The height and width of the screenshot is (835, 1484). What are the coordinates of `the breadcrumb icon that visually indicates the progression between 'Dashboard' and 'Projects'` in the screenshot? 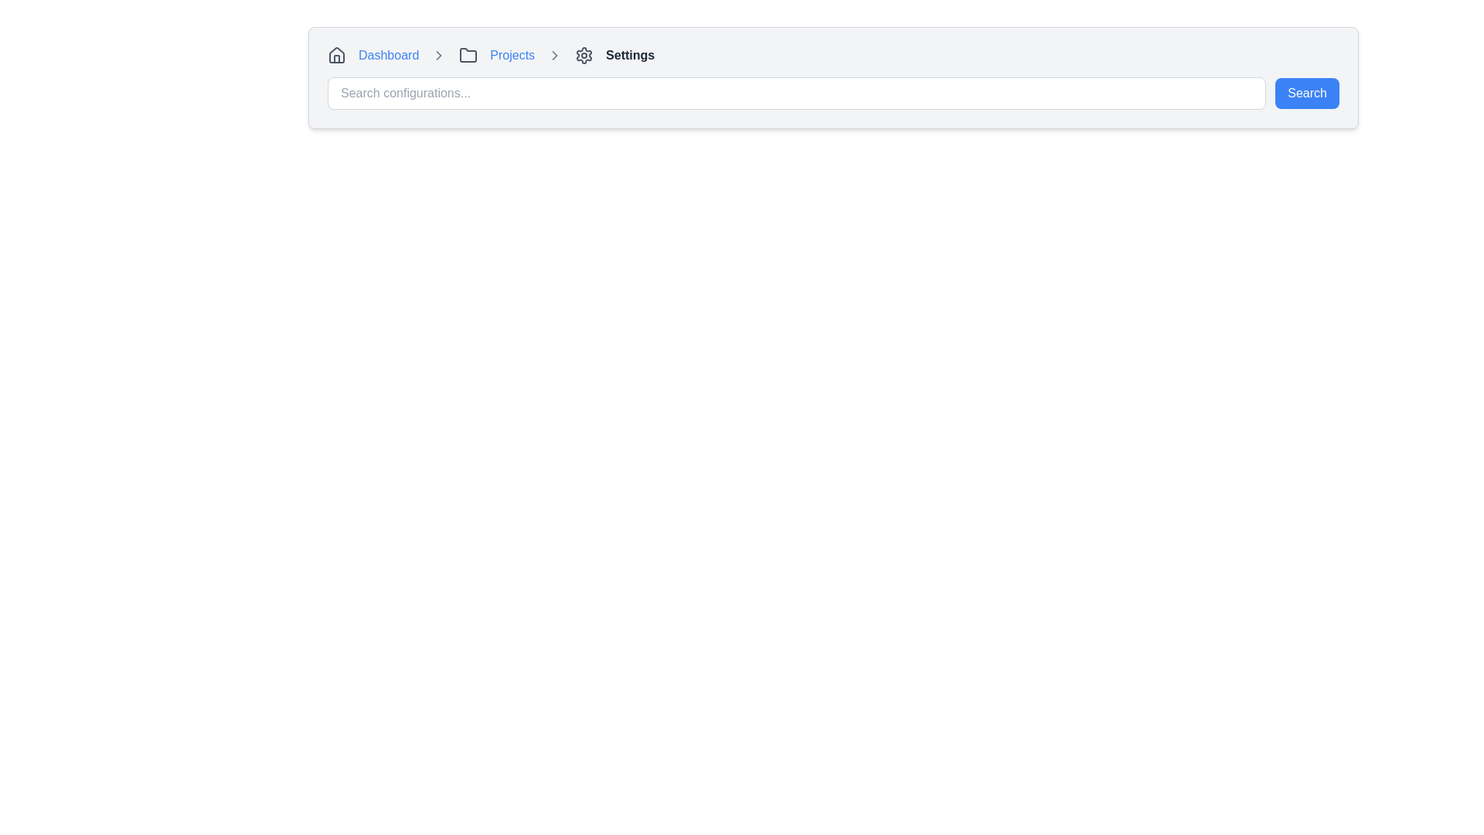 It's located at (438, 55).